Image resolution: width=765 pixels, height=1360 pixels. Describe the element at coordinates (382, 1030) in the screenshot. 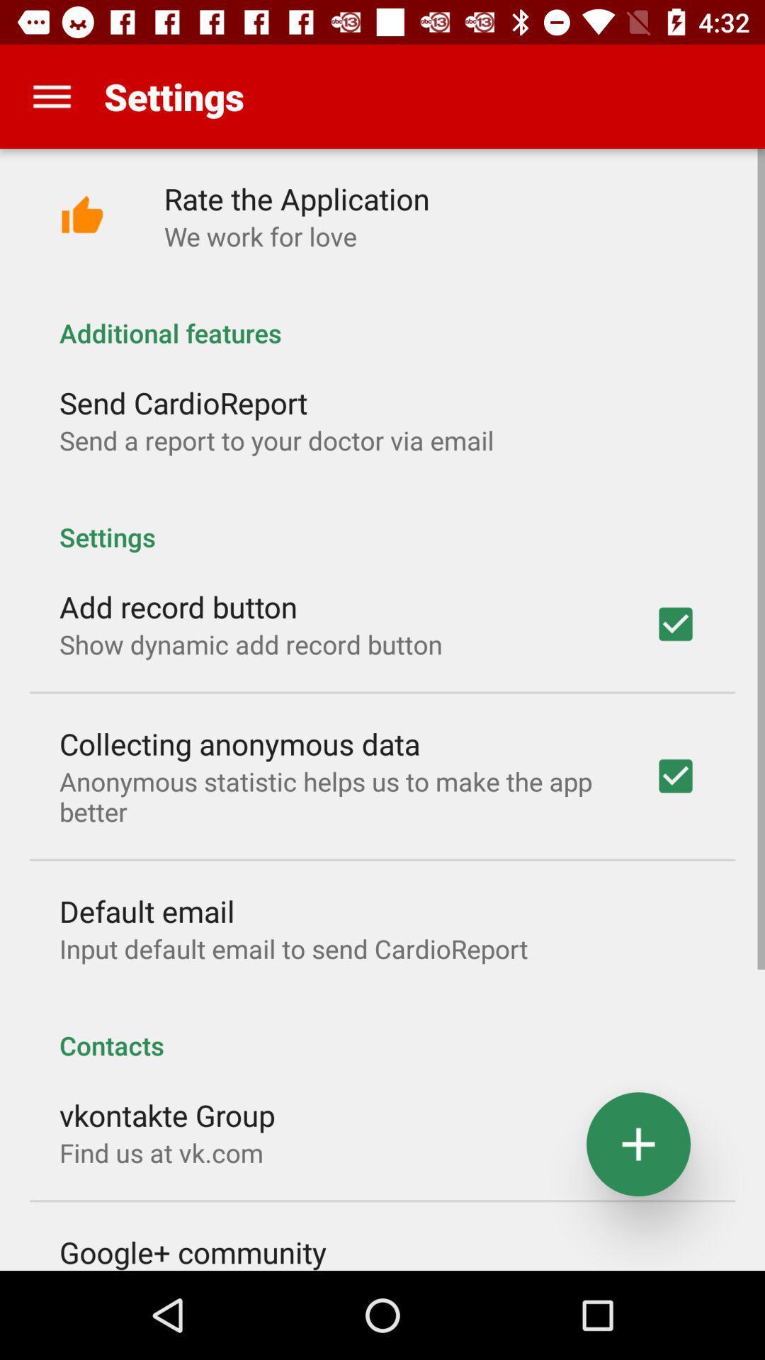

I see `the contacts icon` at that location.